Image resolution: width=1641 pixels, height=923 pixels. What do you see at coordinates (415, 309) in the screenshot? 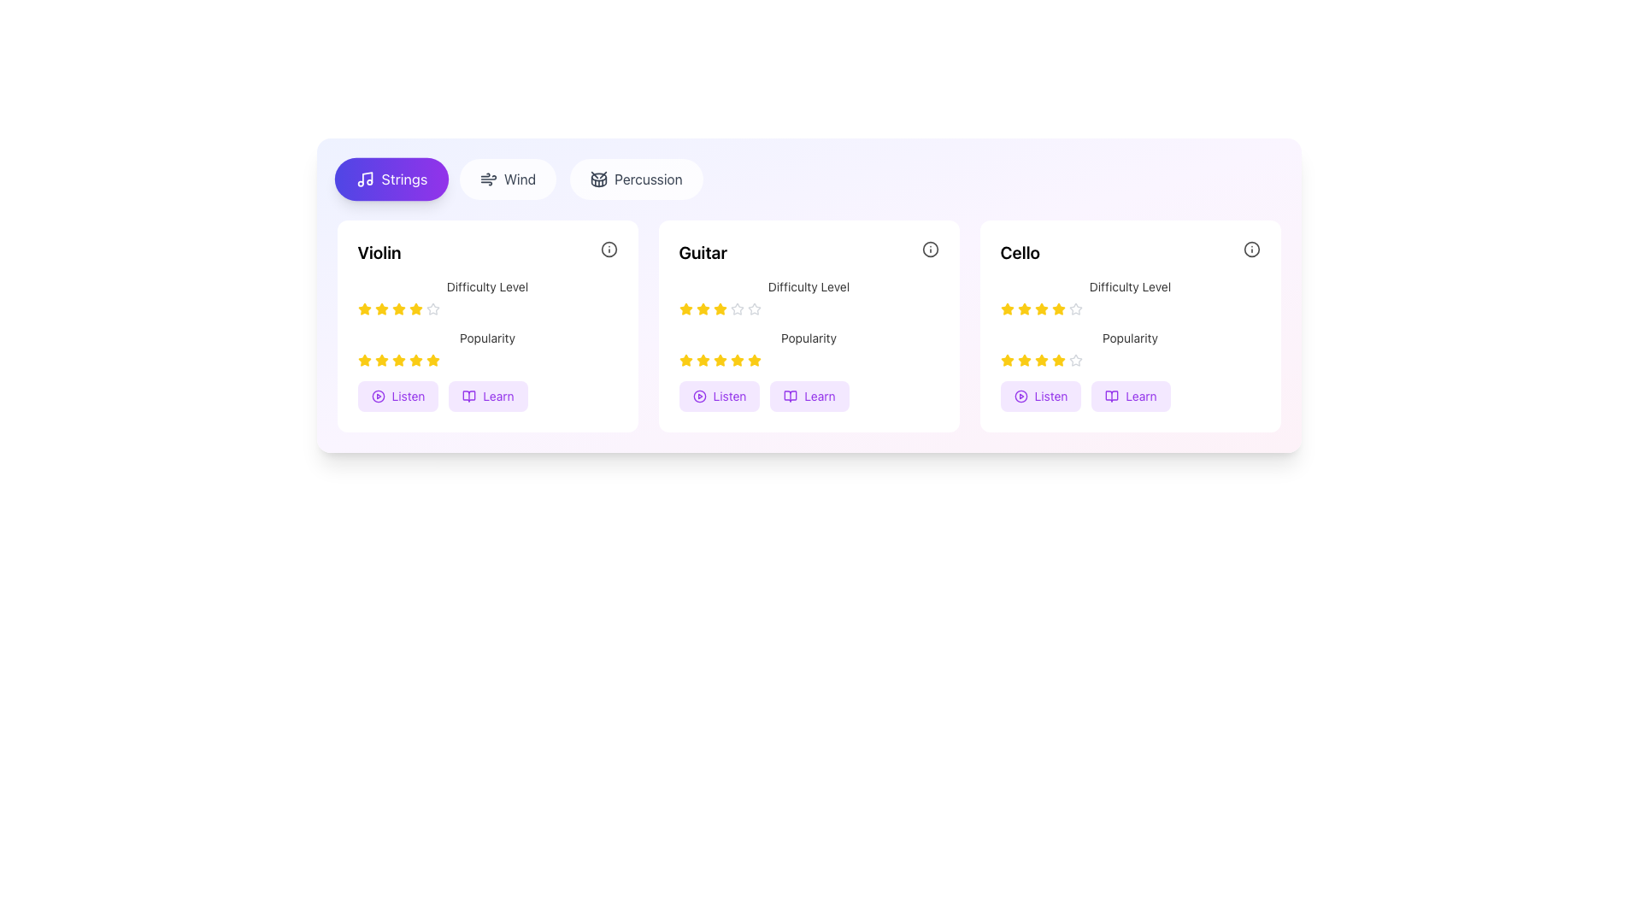
I see `the fifth star icon in the 'Difficulty Level' rating section of the 'Violin' card to modify the rating value` at bounding box center [415, 309].